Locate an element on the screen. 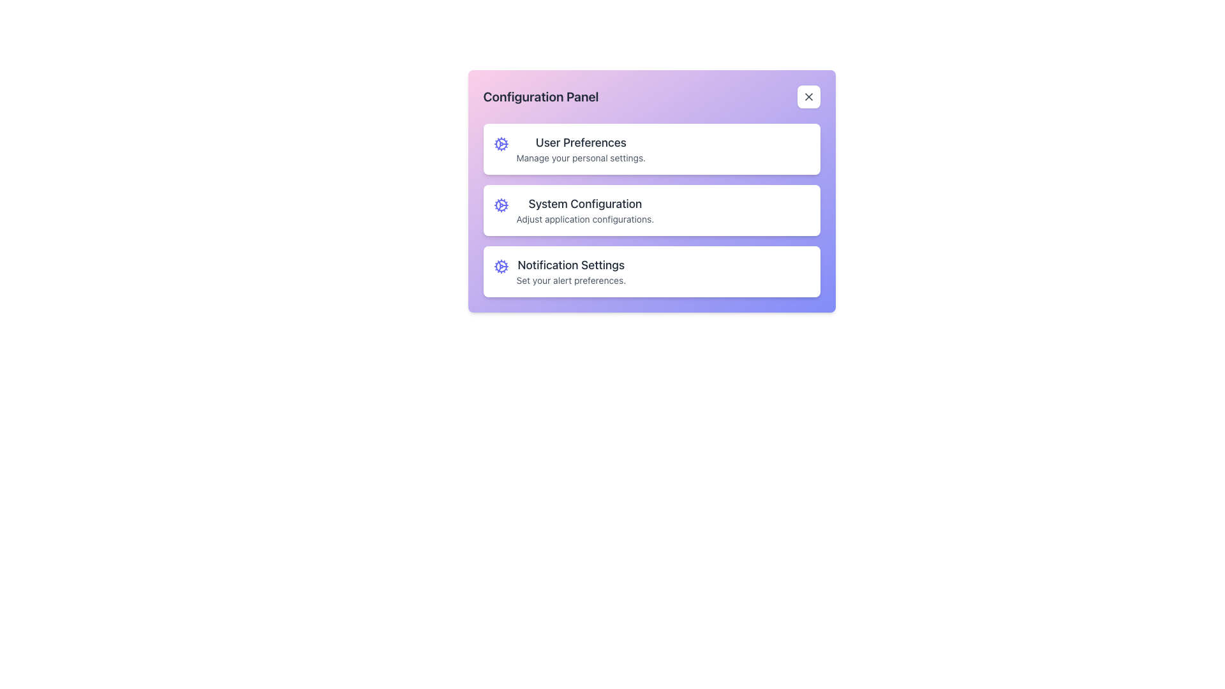 The width and height of the screenshot is (1225, 689). the settings icon located in the second row of the configuration panel, left-aligned and directly to the left of the text 'System Configuration' is located at coordinates (500, 204).